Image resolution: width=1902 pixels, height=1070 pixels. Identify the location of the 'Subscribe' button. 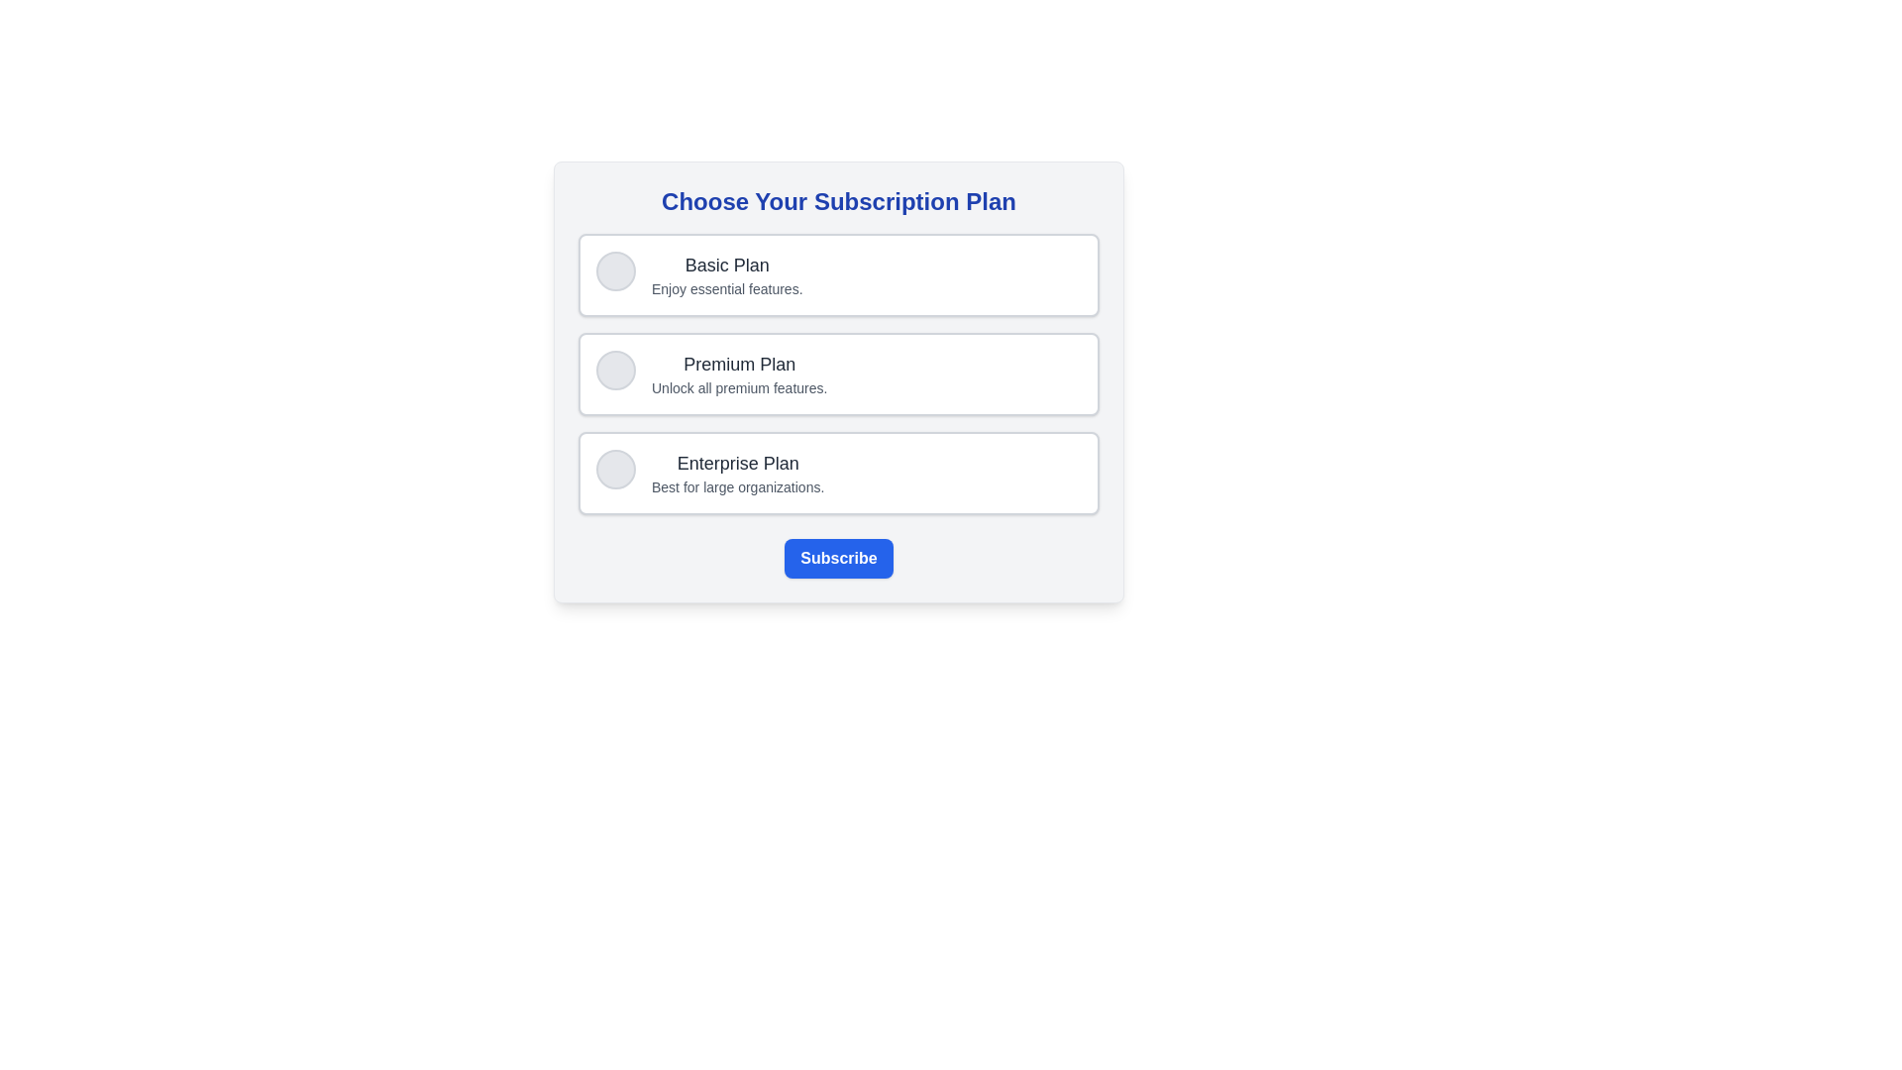
(838, 558).